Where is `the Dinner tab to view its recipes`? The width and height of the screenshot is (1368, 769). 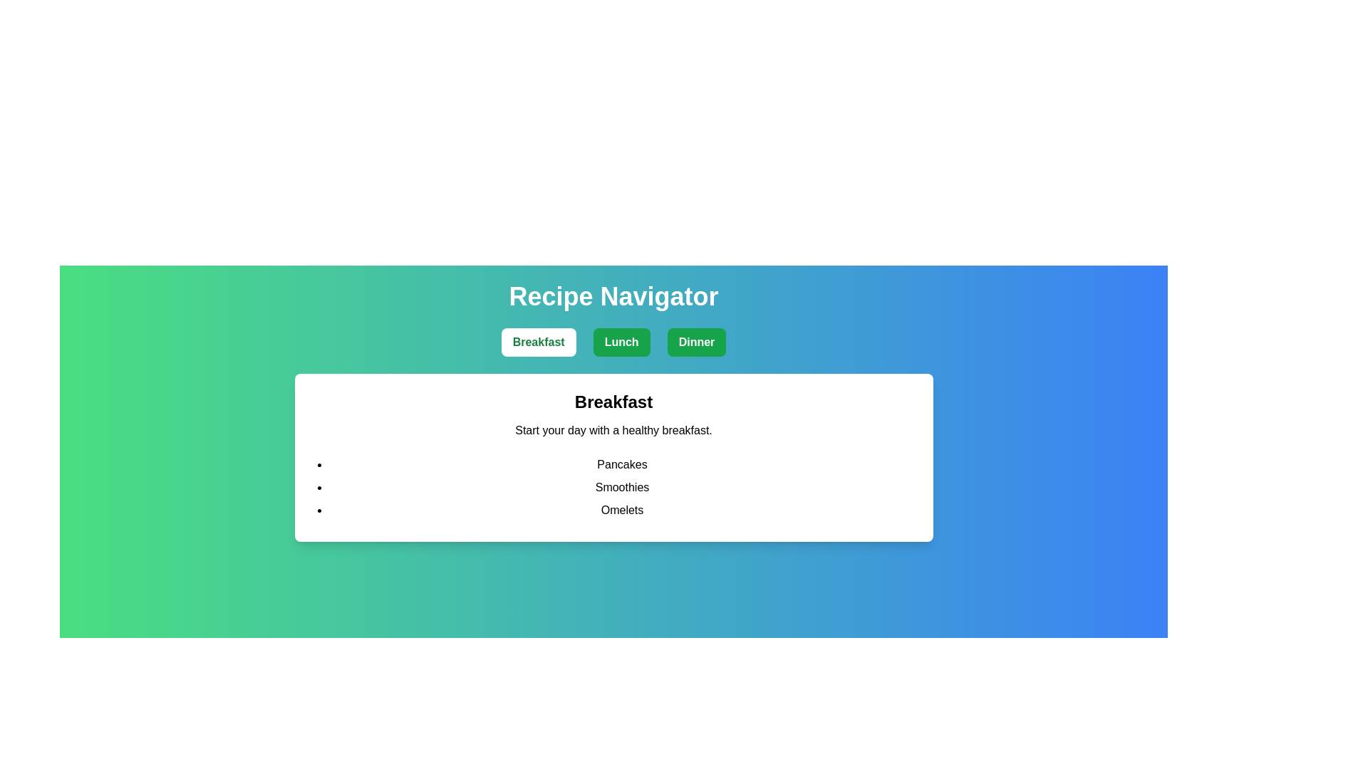
the Dinner tab to view its recipes is located at coordinates (697, 342).